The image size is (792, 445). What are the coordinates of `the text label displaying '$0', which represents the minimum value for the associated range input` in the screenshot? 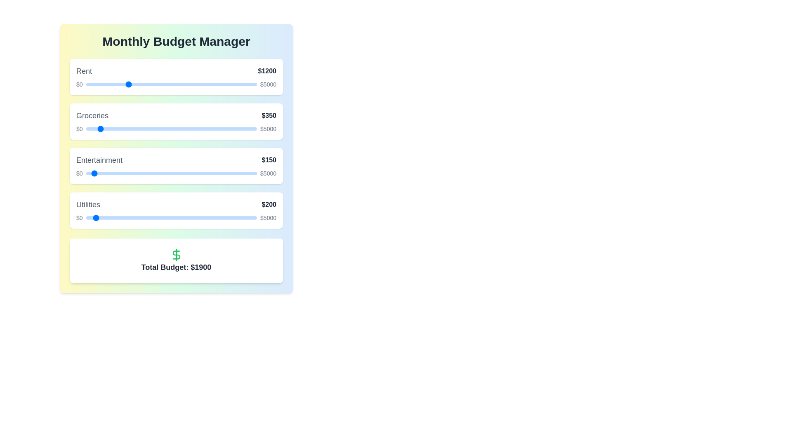 It's located at (79, 84).